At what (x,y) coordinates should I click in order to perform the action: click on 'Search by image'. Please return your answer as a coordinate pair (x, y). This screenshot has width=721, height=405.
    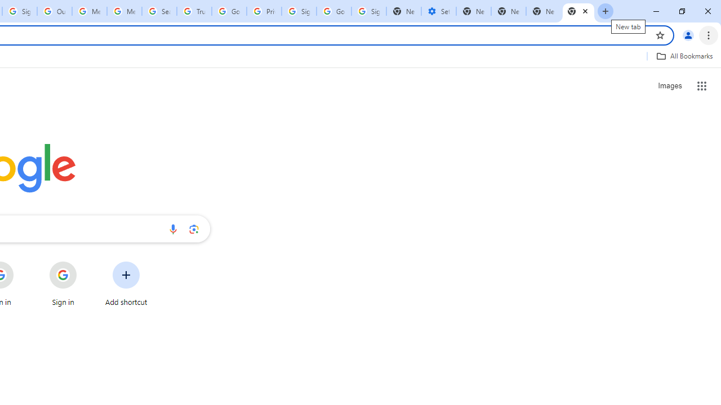
    Looking at the image, I should click on (194, 228).